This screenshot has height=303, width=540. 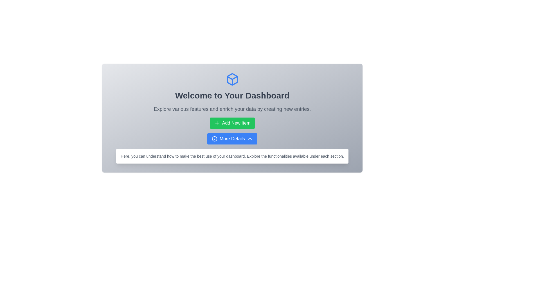 What do you see at coordinates (232, 118) in the screenshot?
I see `the green button labeled 'Add New Item'` at bounding box center [232, 118].